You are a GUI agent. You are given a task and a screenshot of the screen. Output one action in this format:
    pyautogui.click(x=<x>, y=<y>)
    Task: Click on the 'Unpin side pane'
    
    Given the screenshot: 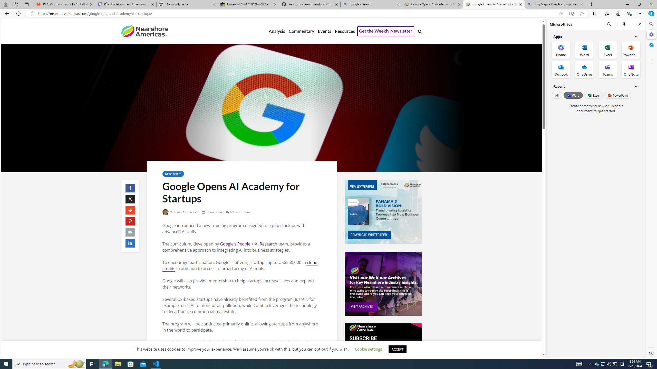 What is the action you would take?
    pyautogui.click(x=624, y=24)
    